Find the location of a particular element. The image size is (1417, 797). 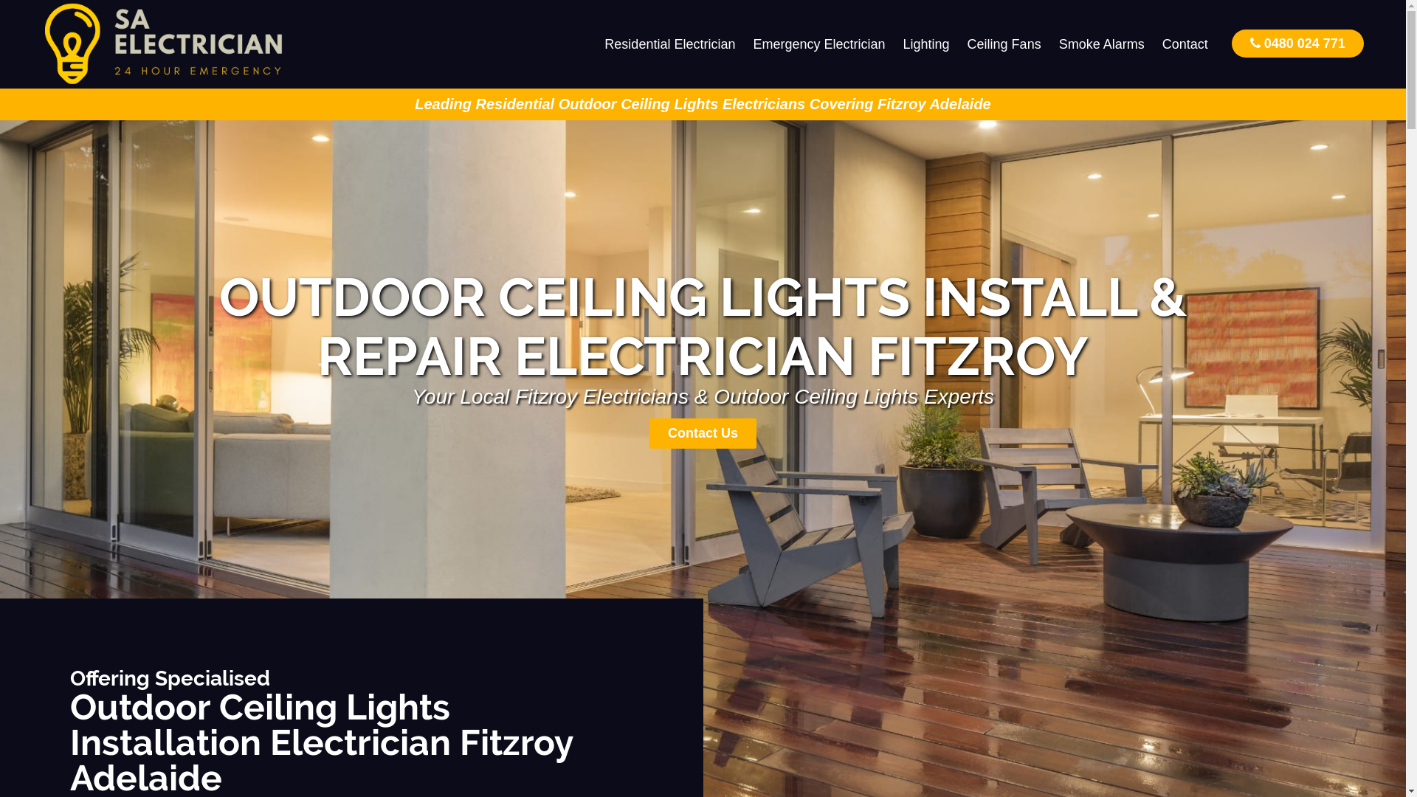

'Residential Electrician' is located at coordinates (669, 44).